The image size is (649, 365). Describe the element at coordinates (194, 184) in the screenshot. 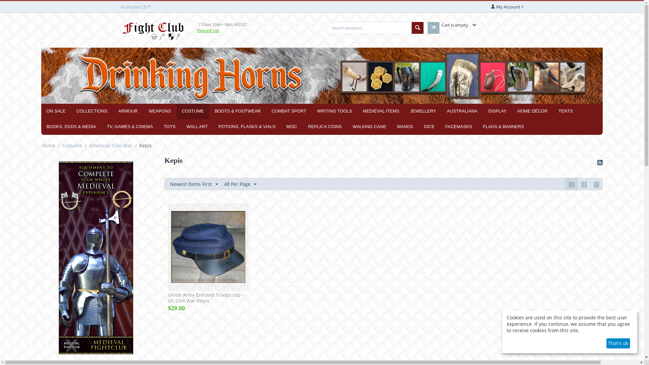

I see `'Newest Items First'` at that location.